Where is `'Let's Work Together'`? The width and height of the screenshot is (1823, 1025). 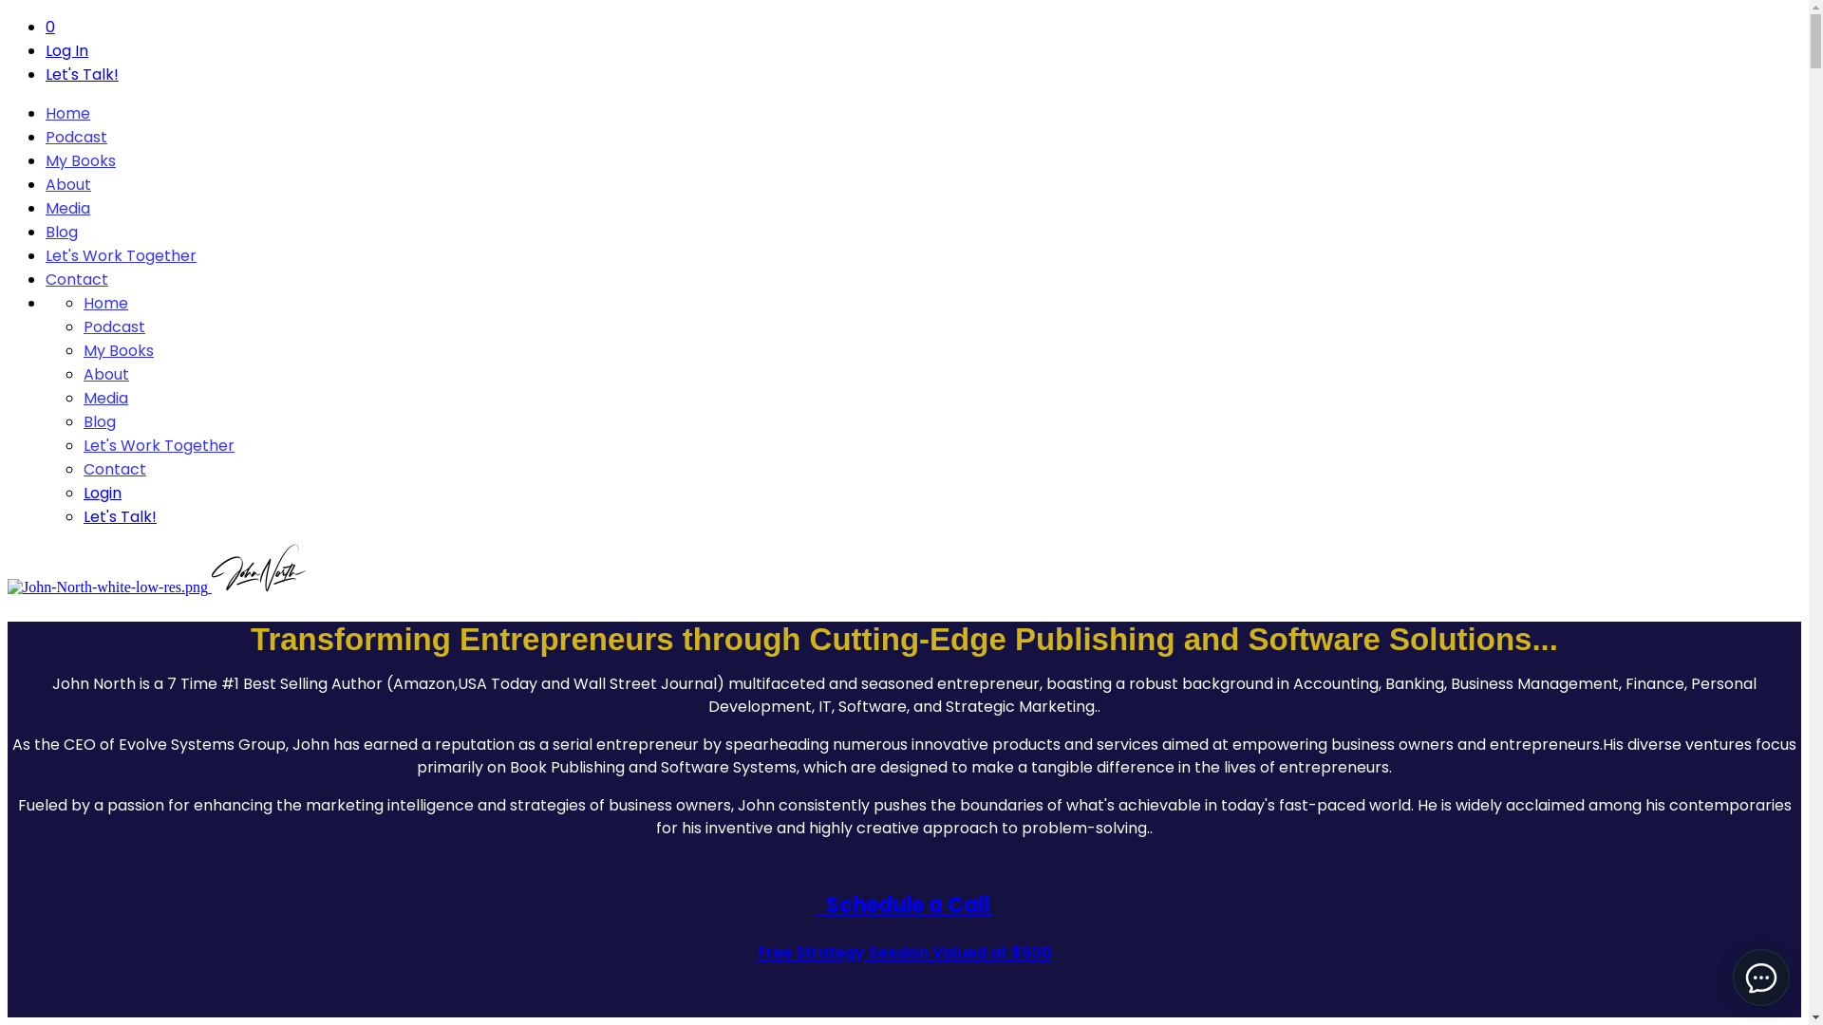
'Let's Work Together' is located at coordinates (120, 254).